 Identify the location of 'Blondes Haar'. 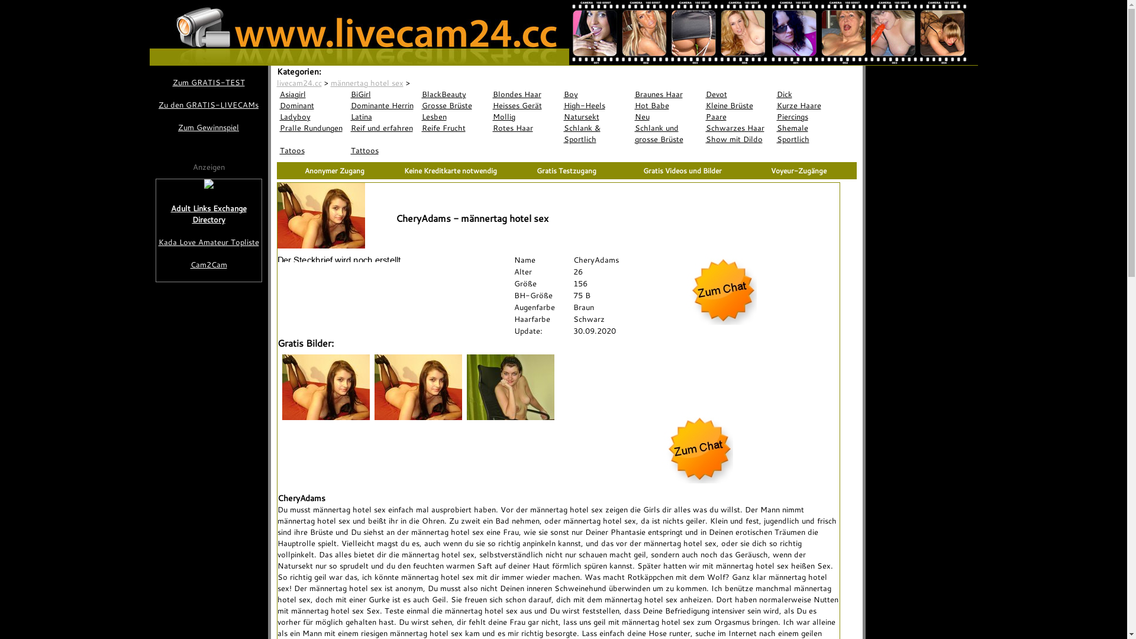
(525, 93).